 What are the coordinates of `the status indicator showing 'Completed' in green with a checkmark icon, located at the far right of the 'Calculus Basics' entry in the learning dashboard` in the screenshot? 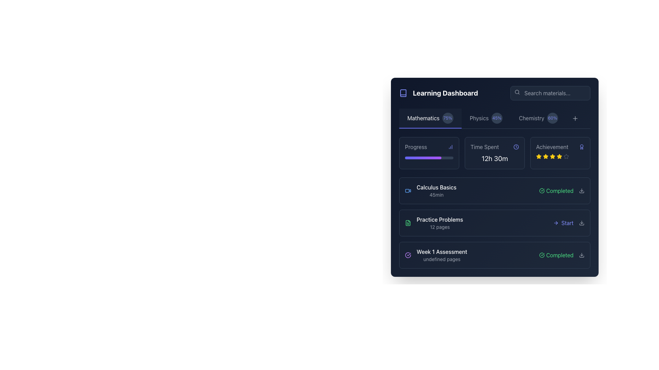 It's located at (562, 190).